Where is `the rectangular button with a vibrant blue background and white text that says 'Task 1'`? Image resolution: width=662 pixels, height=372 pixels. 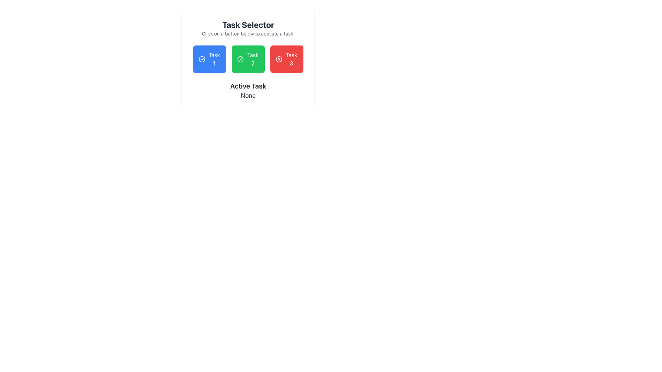
the rectangular button with a vibrant blue background and white text that says 'Task 1' is located at coordinates (209, 59).